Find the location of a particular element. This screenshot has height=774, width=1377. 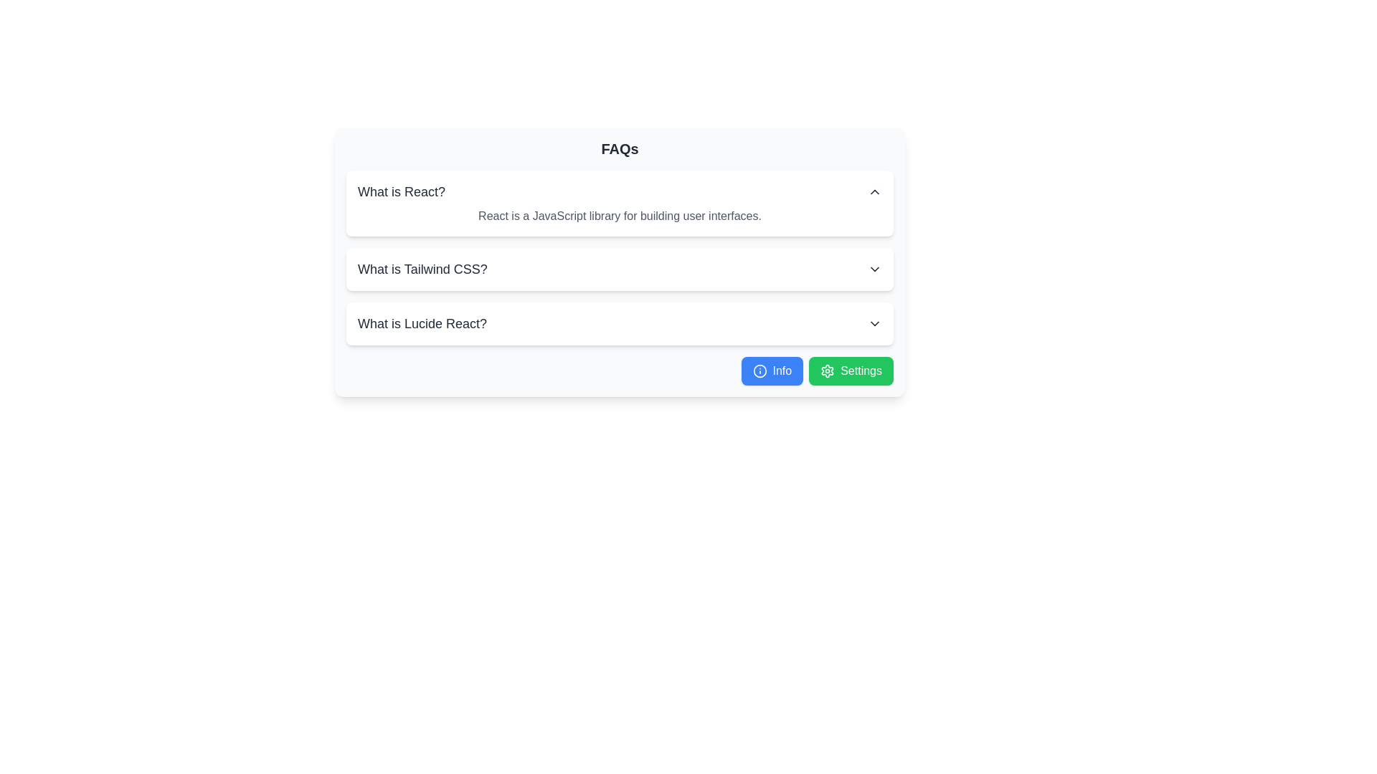

the expand/collapse icon for the FAQ item labeled 'What is React?' is located at coordinates (874, 191).